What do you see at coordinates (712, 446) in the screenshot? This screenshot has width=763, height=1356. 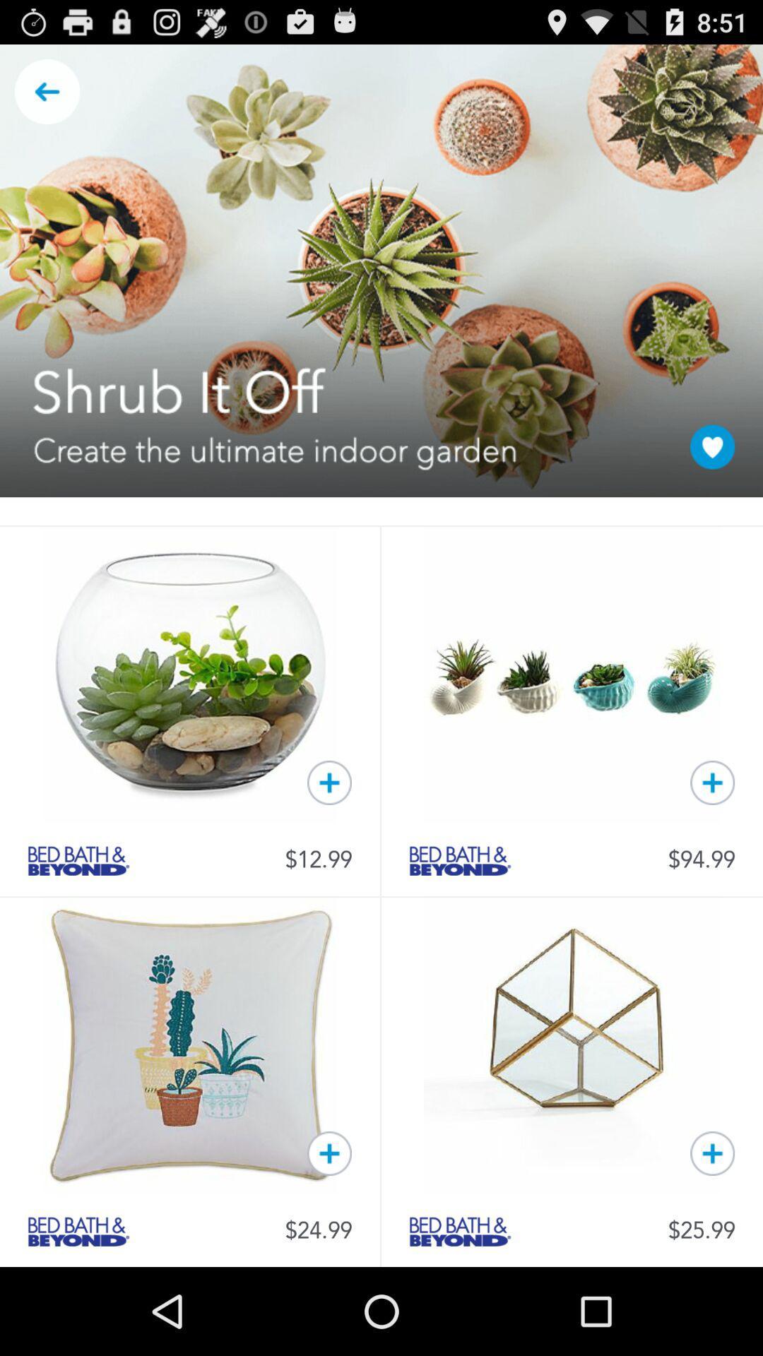 I see `this page` at bounding box center [712, 446].